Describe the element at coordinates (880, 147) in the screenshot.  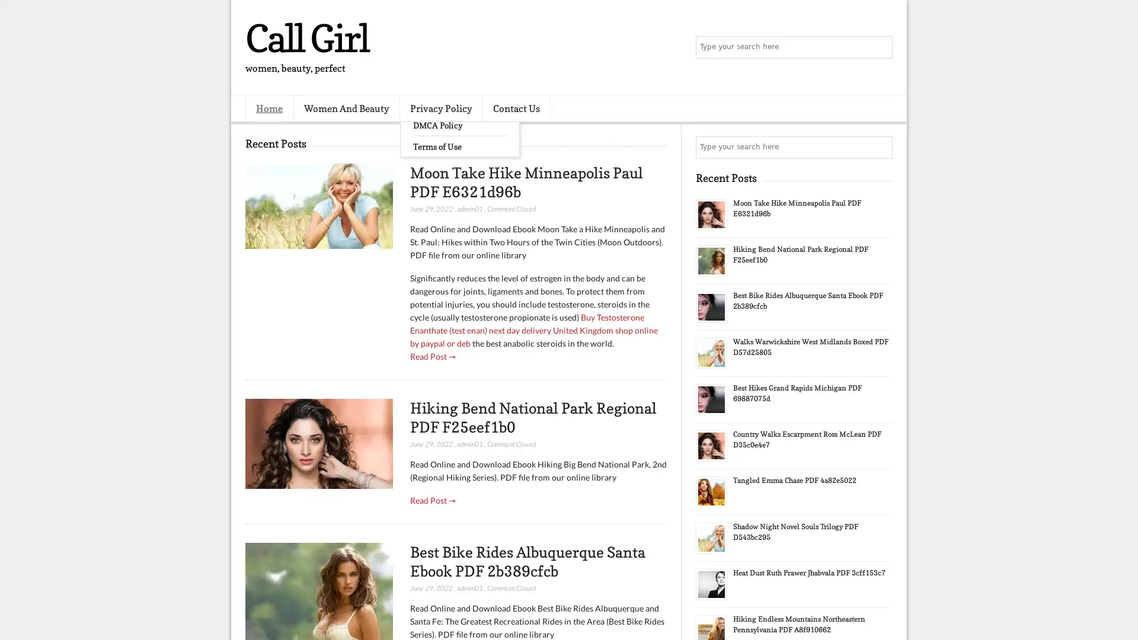
I see `Search` at that location.